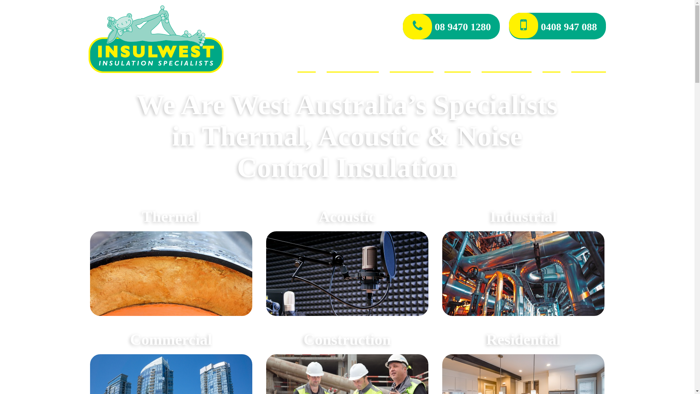 The image size is (700, 394). Describe the element at coordinates (306, 65) in the screenshot. I see `'Home'` at that location.